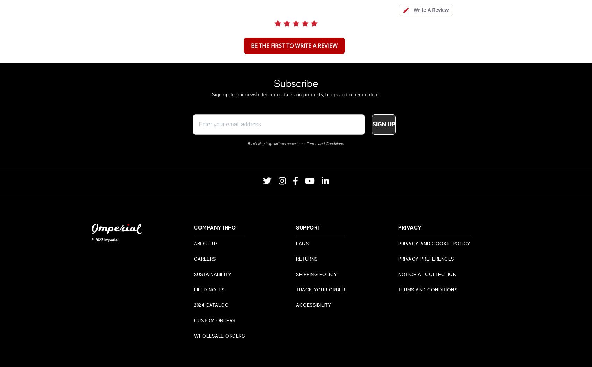 This screenshot has height=367, width=592. Describe the element at coordinates (212, 274) in the screenshot. I see `'Sustainability'` at that location.